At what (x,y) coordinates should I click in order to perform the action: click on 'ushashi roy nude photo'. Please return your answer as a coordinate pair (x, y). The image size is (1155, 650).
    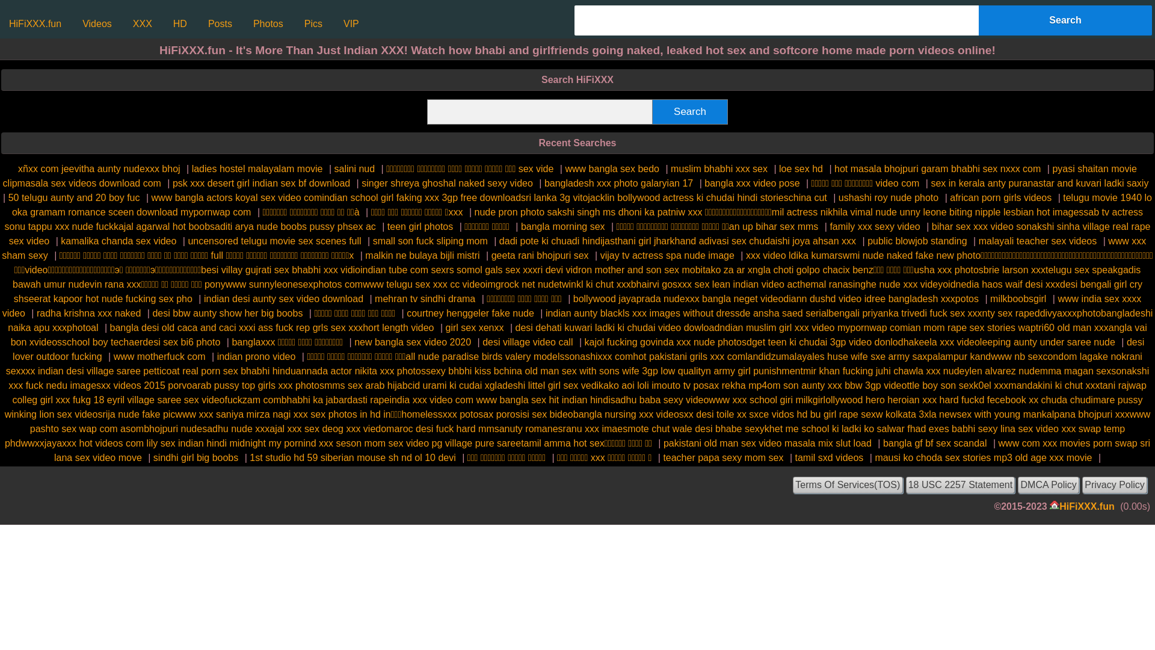
    Looking at the image, I should click on (889, 197).